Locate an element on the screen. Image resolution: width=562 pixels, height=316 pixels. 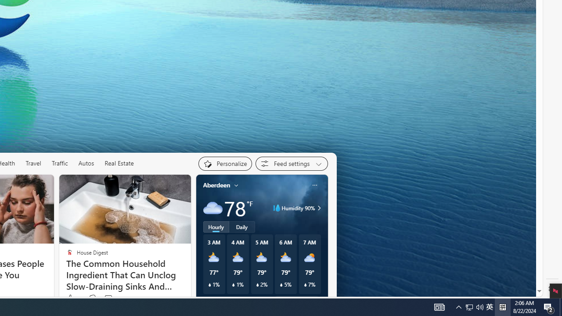
'Autos' is located at coordinates (86, 163).